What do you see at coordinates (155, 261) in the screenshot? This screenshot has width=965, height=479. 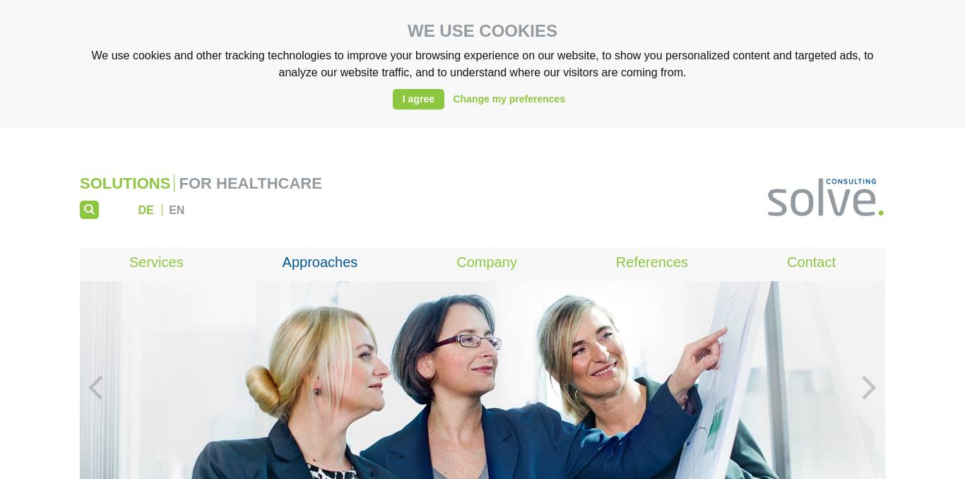 I see `'Services'` at bounding box center [155, 261].